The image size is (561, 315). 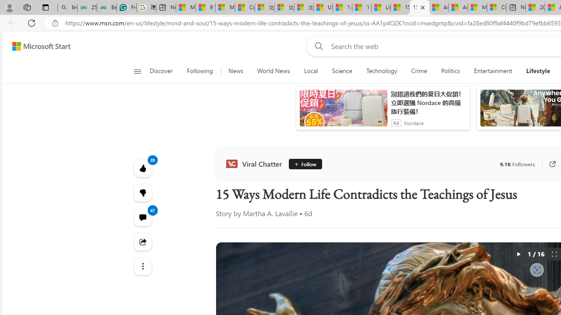 I want to click on 'Nordace', so click(x=413, y=122).